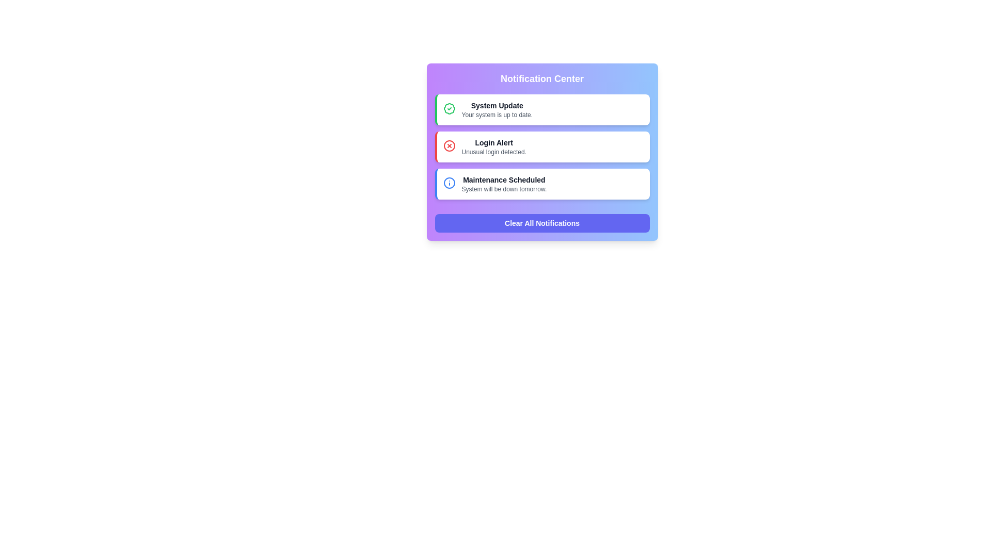  I want to click on text 'Login Alert' from the second notification panel, which is styled in bold dark gray and positioned to the right of the red circular icon, so click(493, 143).